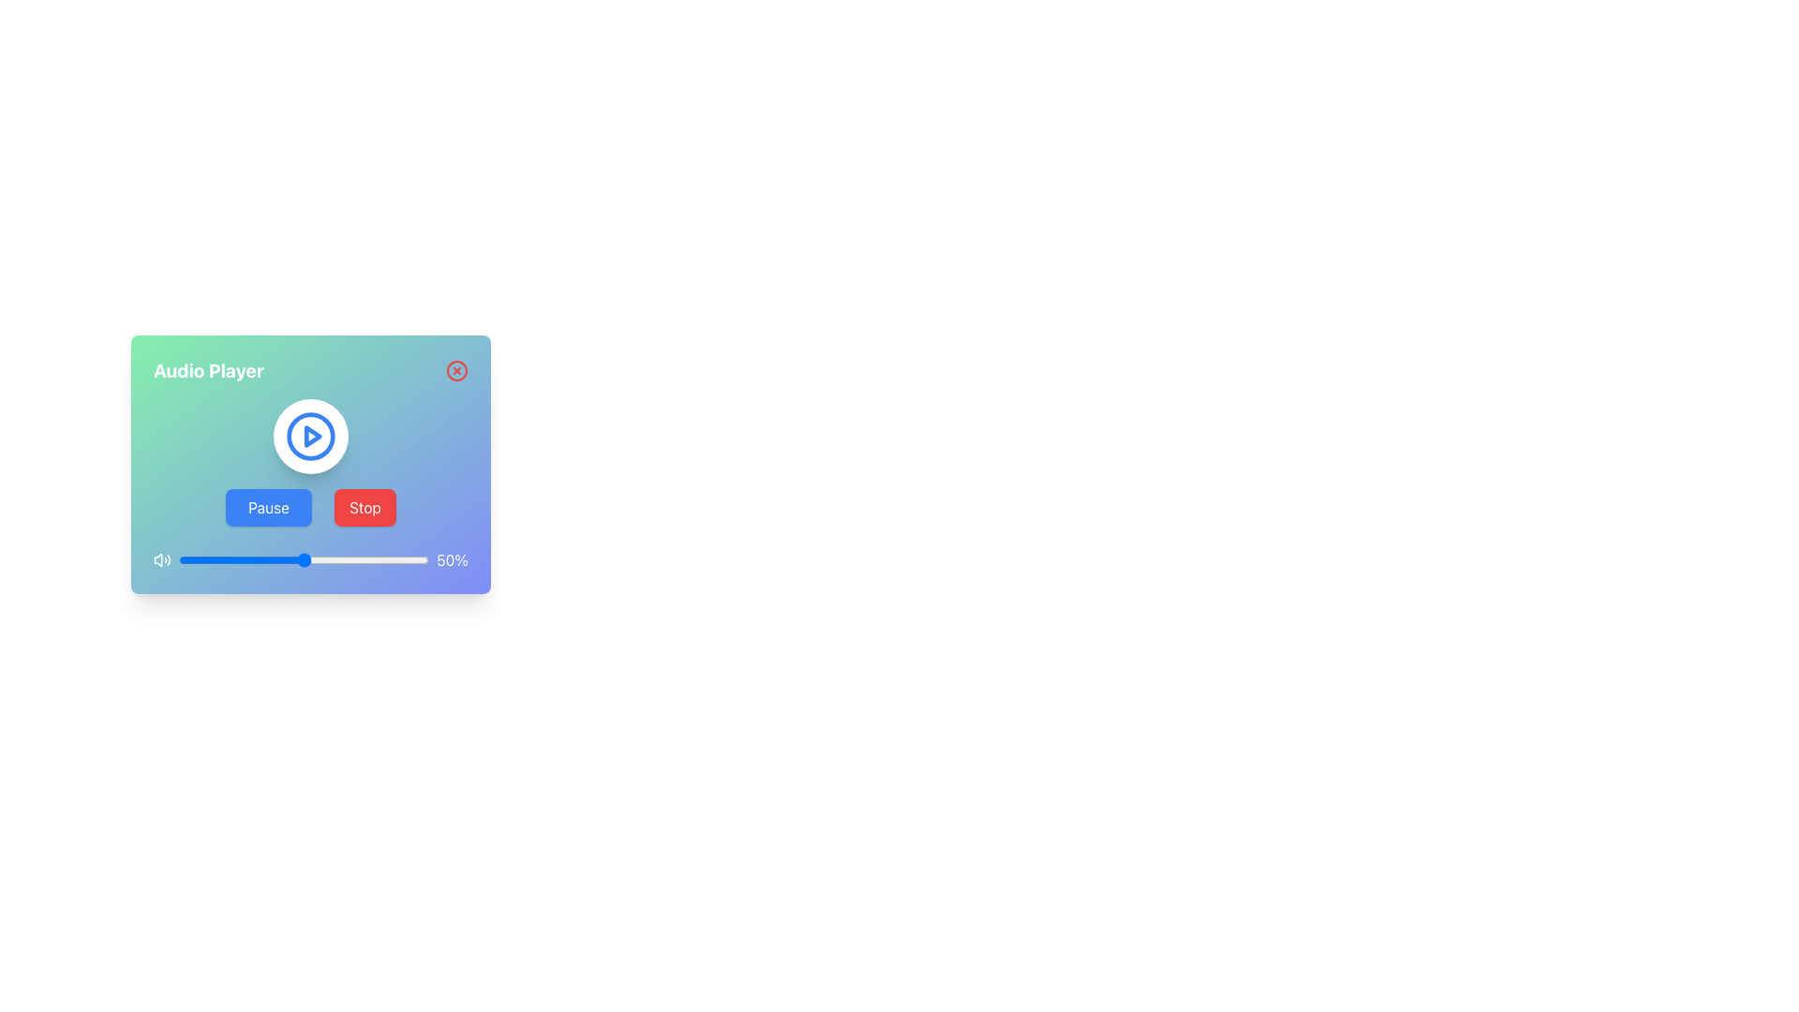  Describe the element at coordinates (310, 437) in the screenshot. I see `the play button located in the audio player interface` at that location.